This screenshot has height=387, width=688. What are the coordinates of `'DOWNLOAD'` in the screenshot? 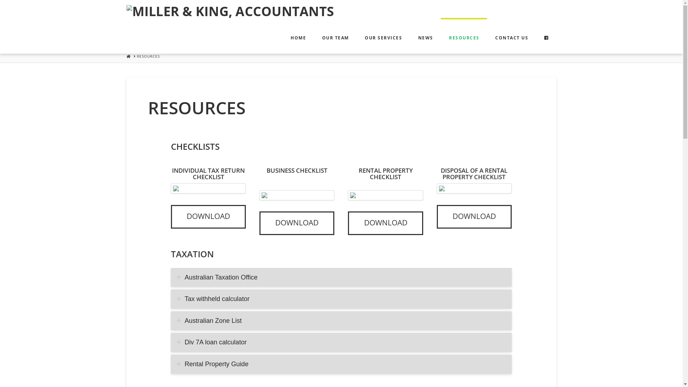 It's located at (297, 223).